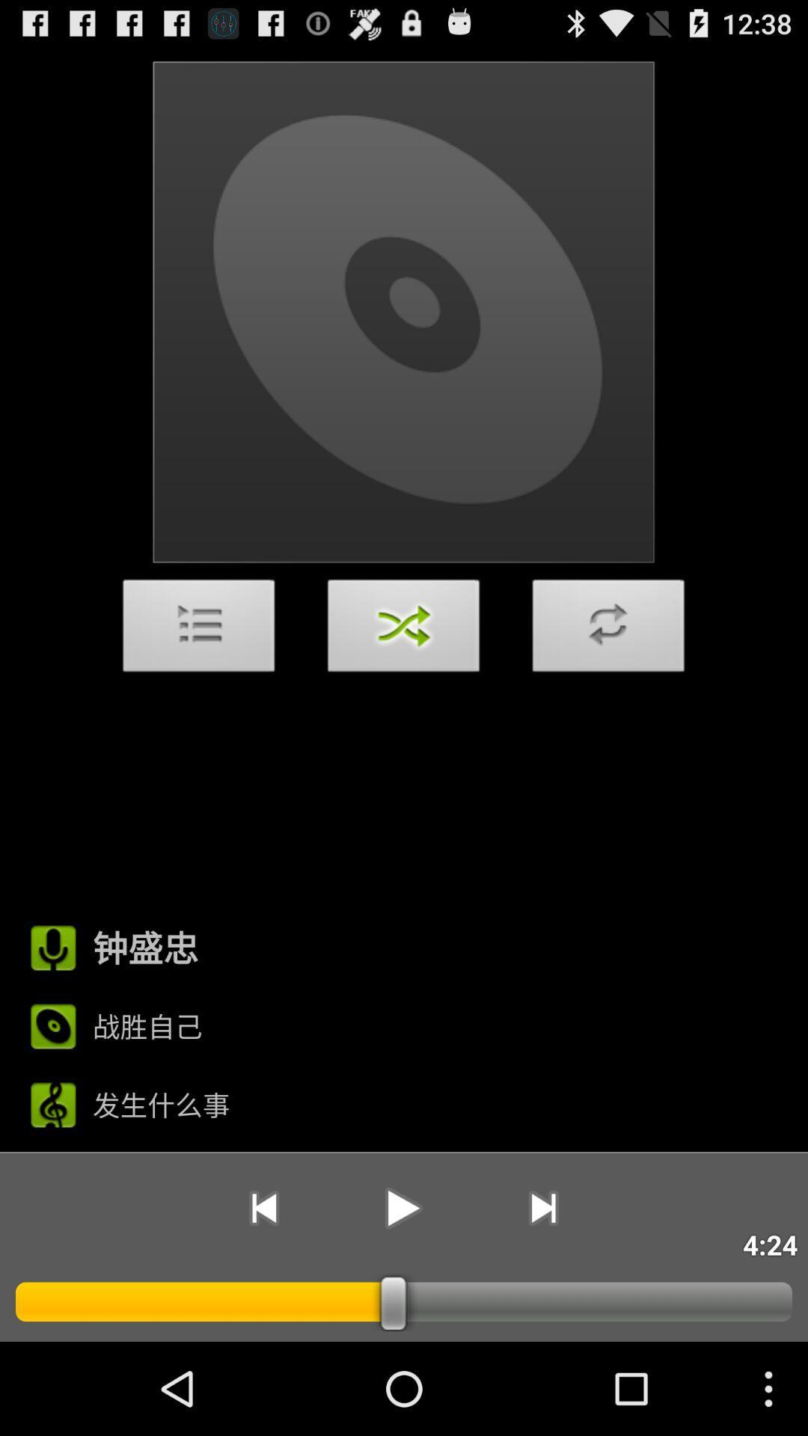 The height and width of the screenshot is (1436, 808). I want to click on the close icon, so click(404, 673).